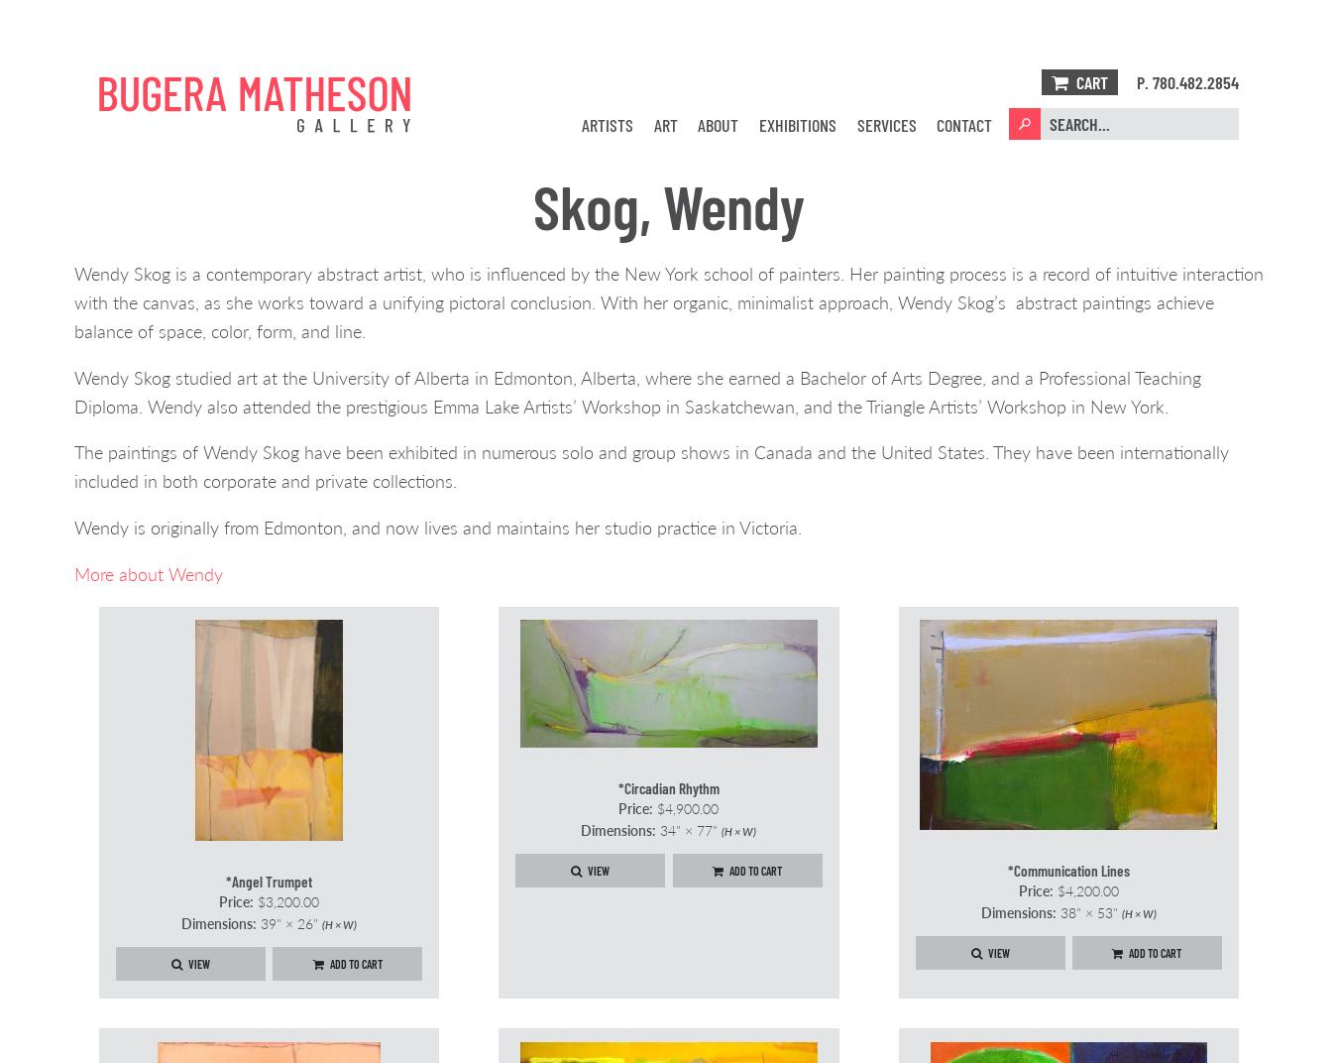 This screenshot has height=1063, width=1338. Describe the element at coordinates (652, 805) in the screenshot. I see `'$4,900.00'` at that location.